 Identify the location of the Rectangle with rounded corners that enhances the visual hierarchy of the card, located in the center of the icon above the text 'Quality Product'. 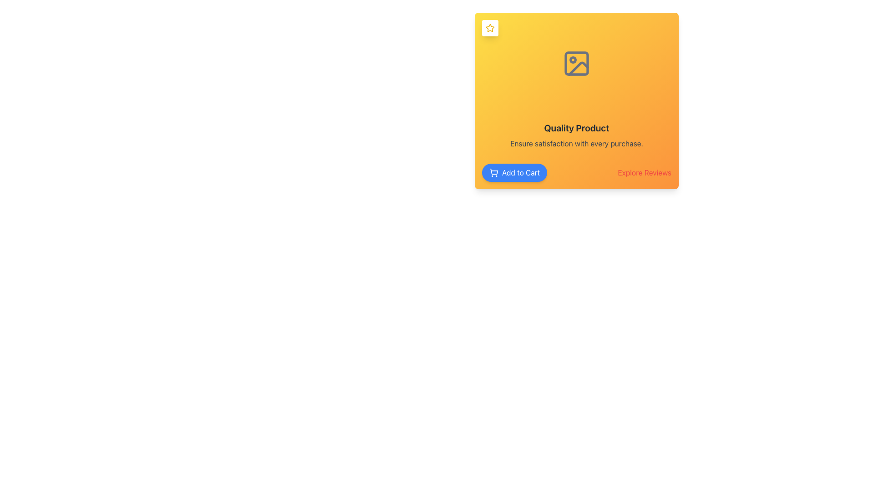
(576, 63).